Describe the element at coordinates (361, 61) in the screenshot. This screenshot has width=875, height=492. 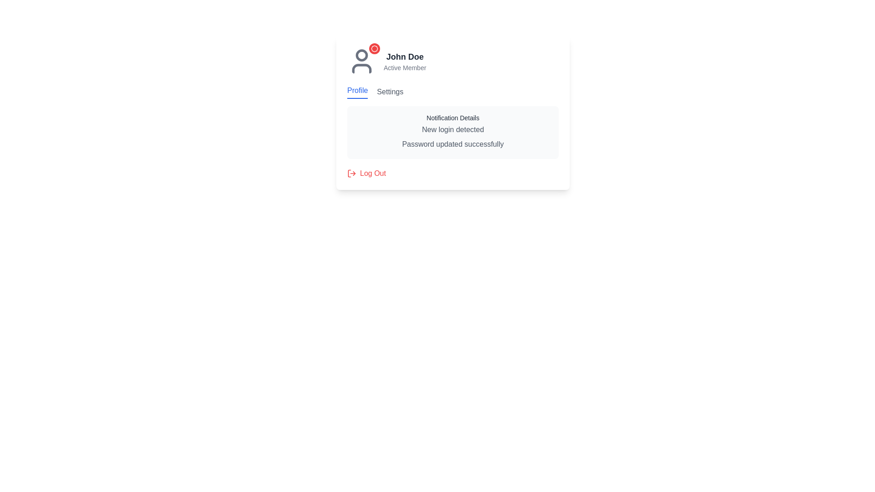
I see `the user profile icon, which is a circular avatar icon styled in grey, positioned in the top-left corner next to the text elements 'John Doe' and 'Active Member'` at that location.